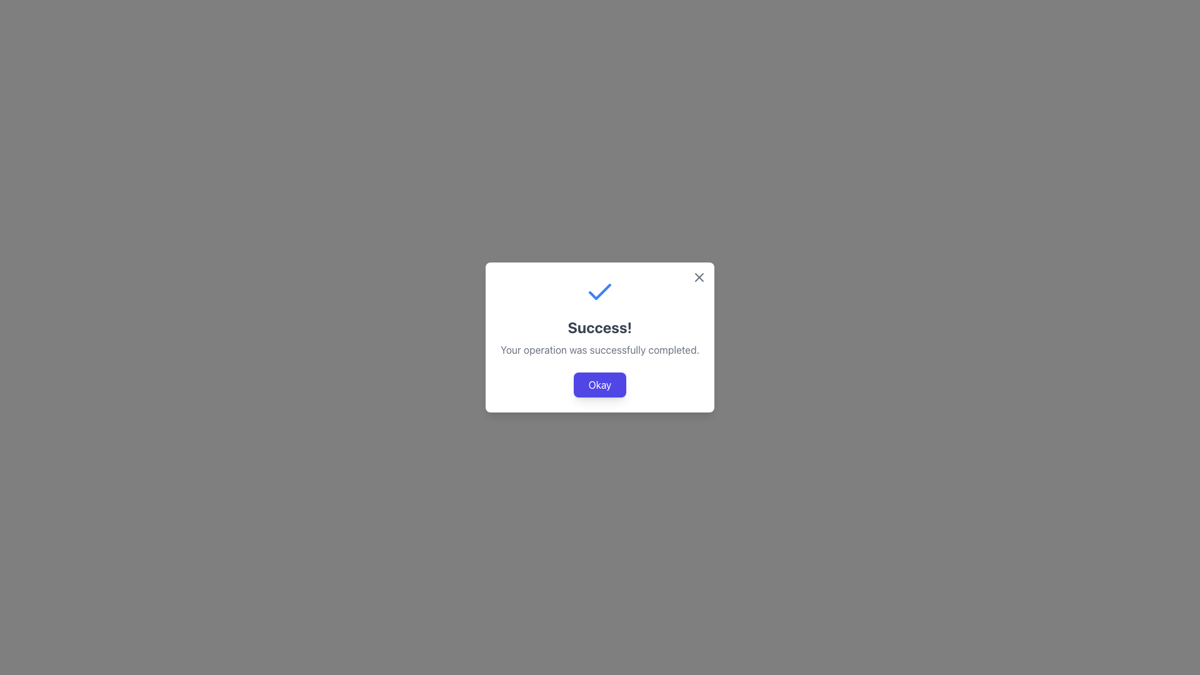 The width and height of the screenshot is (1200, 675). I want to click on the small gray 'X' icon button located at the top-right corner of the white popup card to change its color, so click(698, 276).